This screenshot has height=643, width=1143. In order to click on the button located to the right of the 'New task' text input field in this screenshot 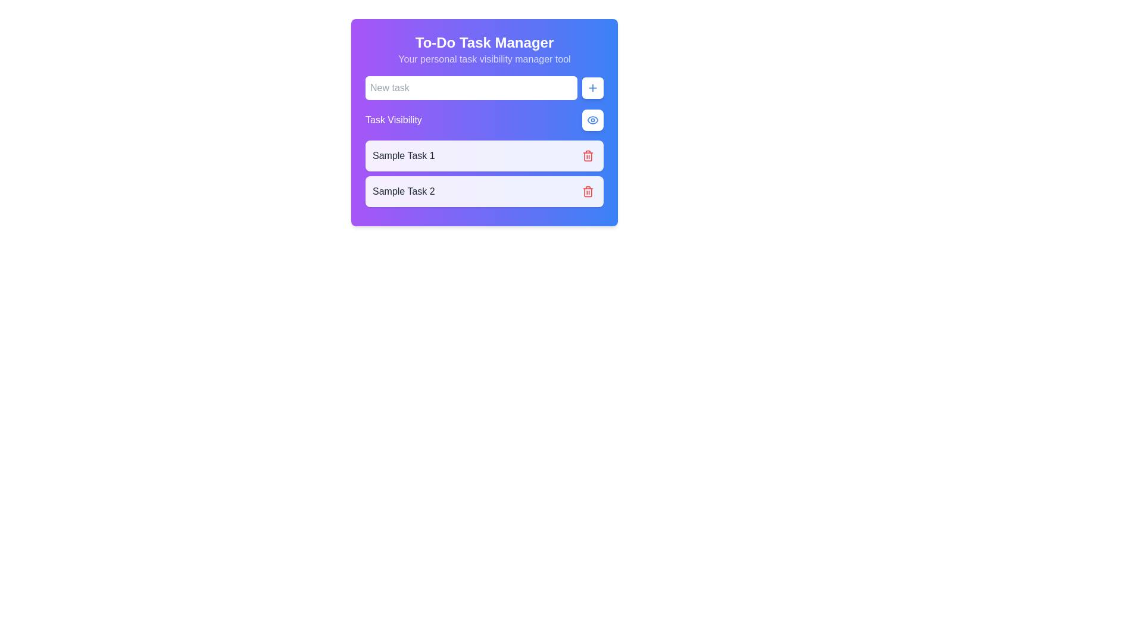, I will do `click(593, 87)`.